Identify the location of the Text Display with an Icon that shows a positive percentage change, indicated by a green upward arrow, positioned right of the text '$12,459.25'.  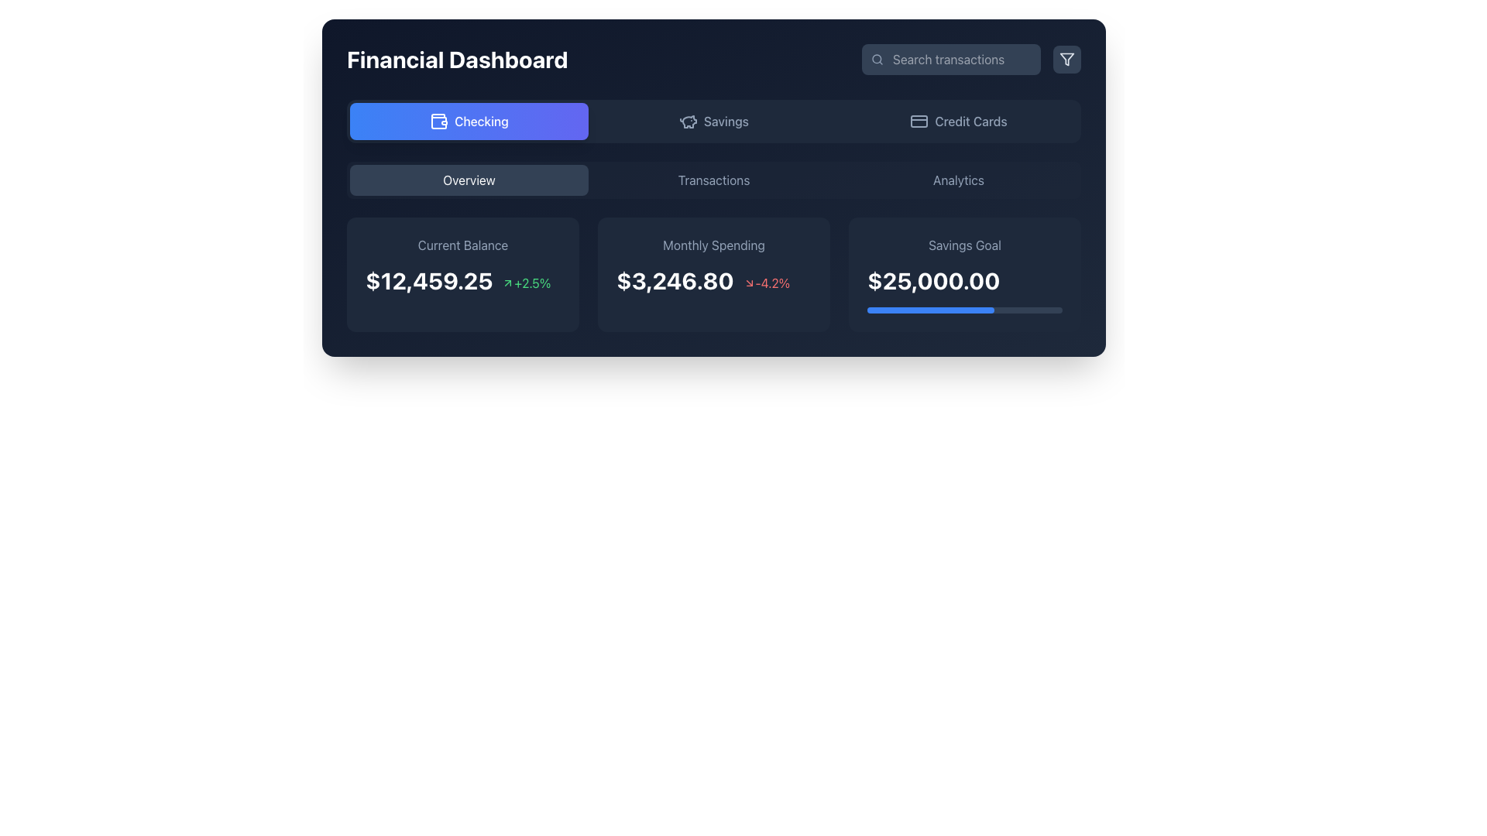
(526, 283).